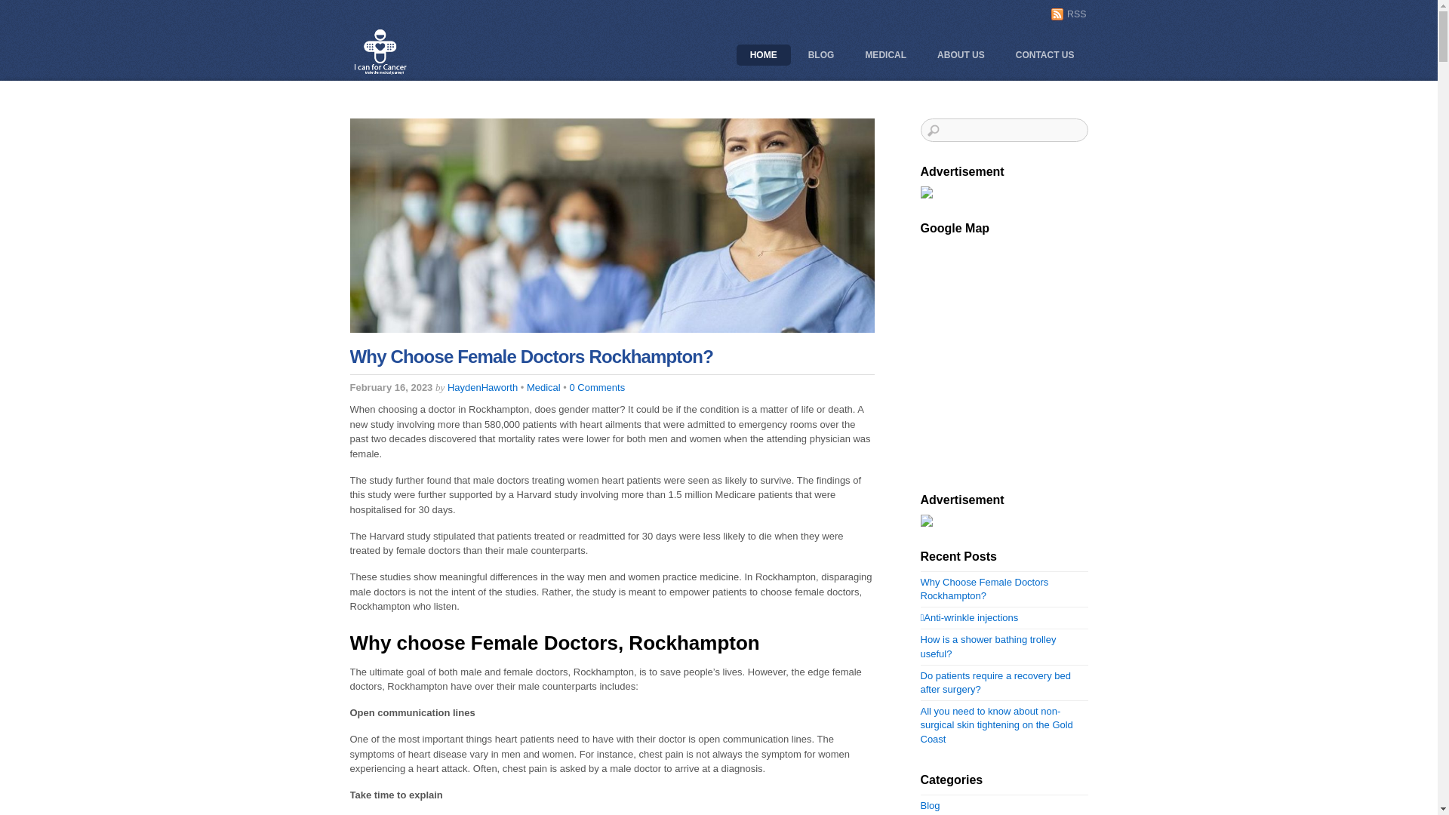  Describe the element at coordinates (596, 386) in the screenshot. I see `'0 Comments'` at that location.